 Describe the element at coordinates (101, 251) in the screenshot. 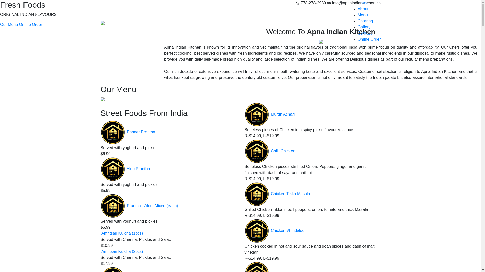

I see `'Amritsari Kulcha (2pcs)'` at that location.